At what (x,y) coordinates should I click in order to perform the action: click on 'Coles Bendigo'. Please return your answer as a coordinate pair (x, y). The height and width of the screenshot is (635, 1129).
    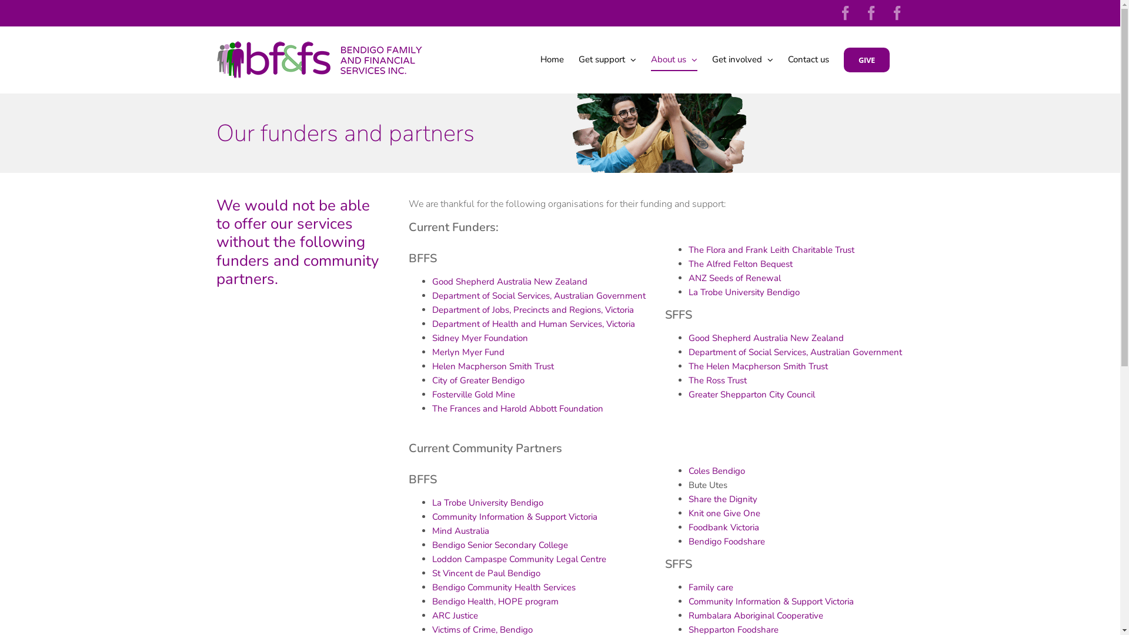
    Looking at the image, I should click on (716, 470).